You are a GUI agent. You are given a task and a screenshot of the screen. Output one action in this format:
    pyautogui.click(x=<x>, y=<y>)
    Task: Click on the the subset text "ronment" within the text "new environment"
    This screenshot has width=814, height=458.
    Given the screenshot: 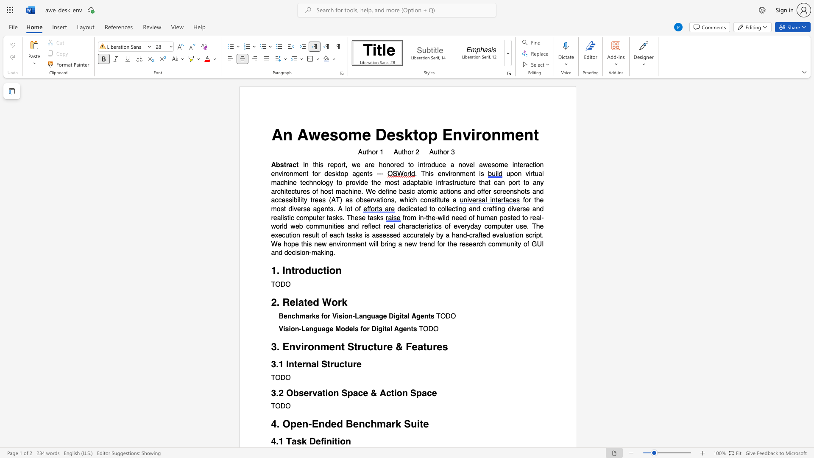 What is the action you would take?
    pyautogui.click(x=341, y=244)
    